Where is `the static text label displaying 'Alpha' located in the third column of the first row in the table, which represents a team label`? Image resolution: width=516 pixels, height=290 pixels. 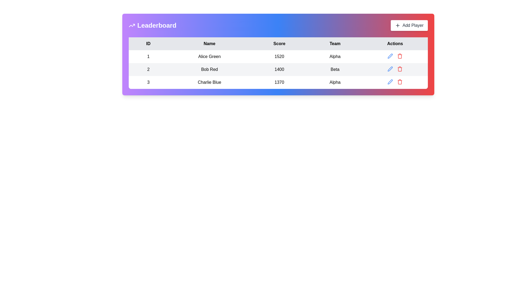
the static text label displaying 'Alpha' located in the third column of the first row in the table, which represents a team label is located at coordinates (335, 57).